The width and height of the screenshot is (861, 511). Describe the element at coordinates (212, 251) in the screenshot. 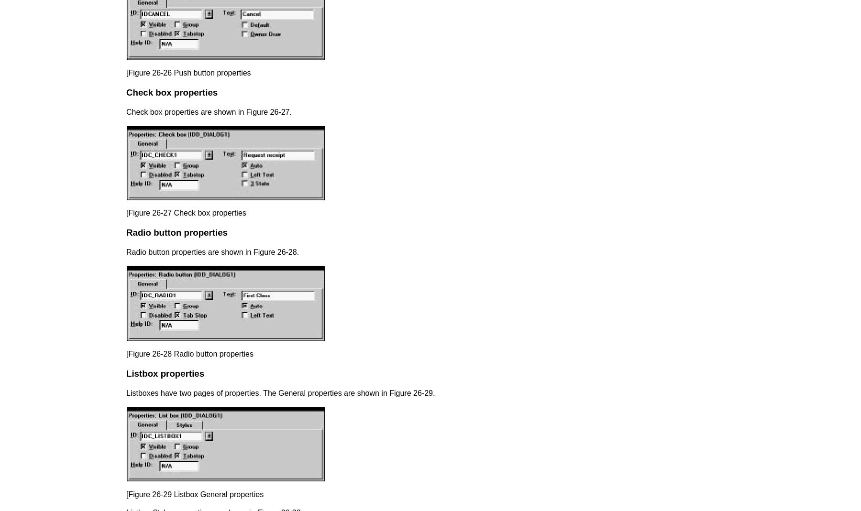

I see `'Radio button properties are shown in Figure 26-28.'` at that location.